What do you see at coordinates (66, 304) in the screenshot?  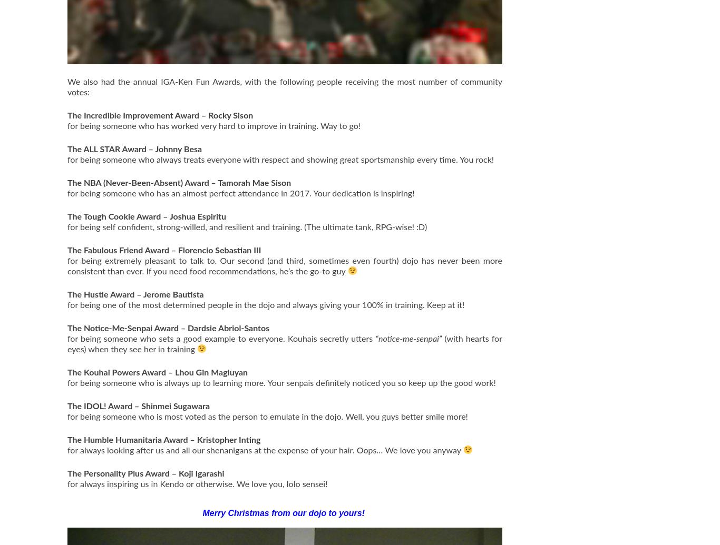 I see `'for being one of the most determined people in the dojo and always giving your 100% in training. Keep at it!'` at bounding box center [66, 304].